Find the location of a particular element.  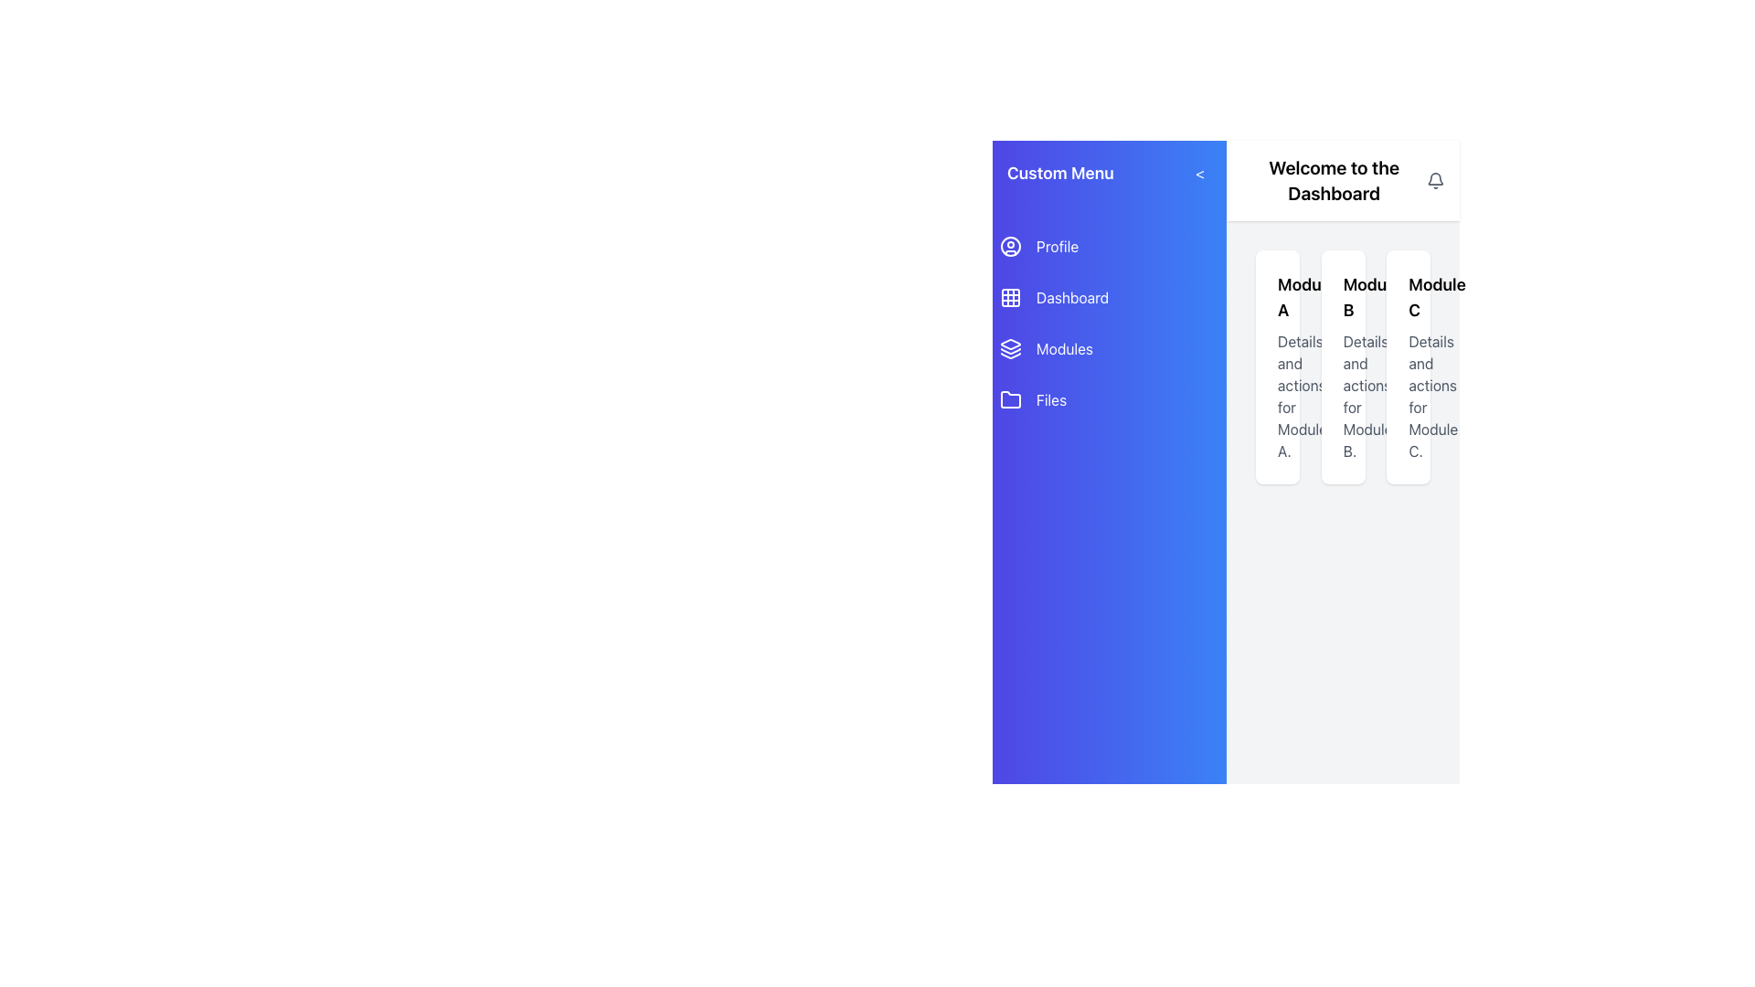

the 'Modules' text label in the left-side navigation menu is located at coordinates (1065, 348).